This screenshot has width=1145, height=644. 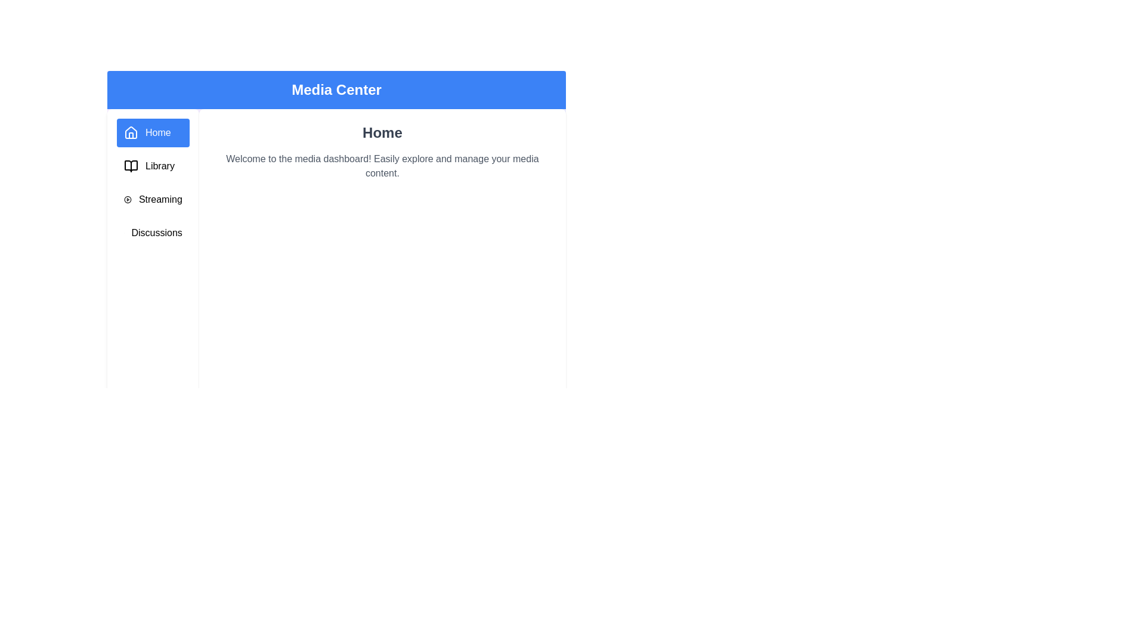 What do you see at coordinates (151, 199) in the screenshot?
I see `the Streaming tab by clicking on its corresponding sidebar entry` at bounding box center [151, 199].